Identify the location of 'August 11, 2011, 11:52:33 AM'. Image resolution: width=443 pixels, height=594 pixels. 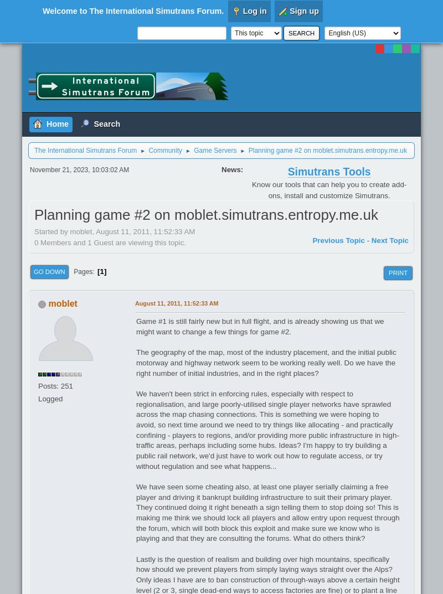
(176, 303).